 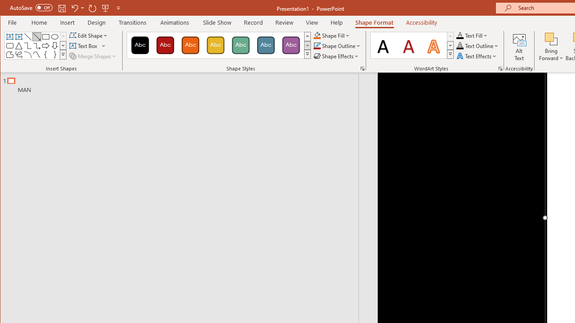 What do you see at coordinates (89, 35) in the screenshot?
I see `'Edit Shape'` at bounding box center [89, 35].